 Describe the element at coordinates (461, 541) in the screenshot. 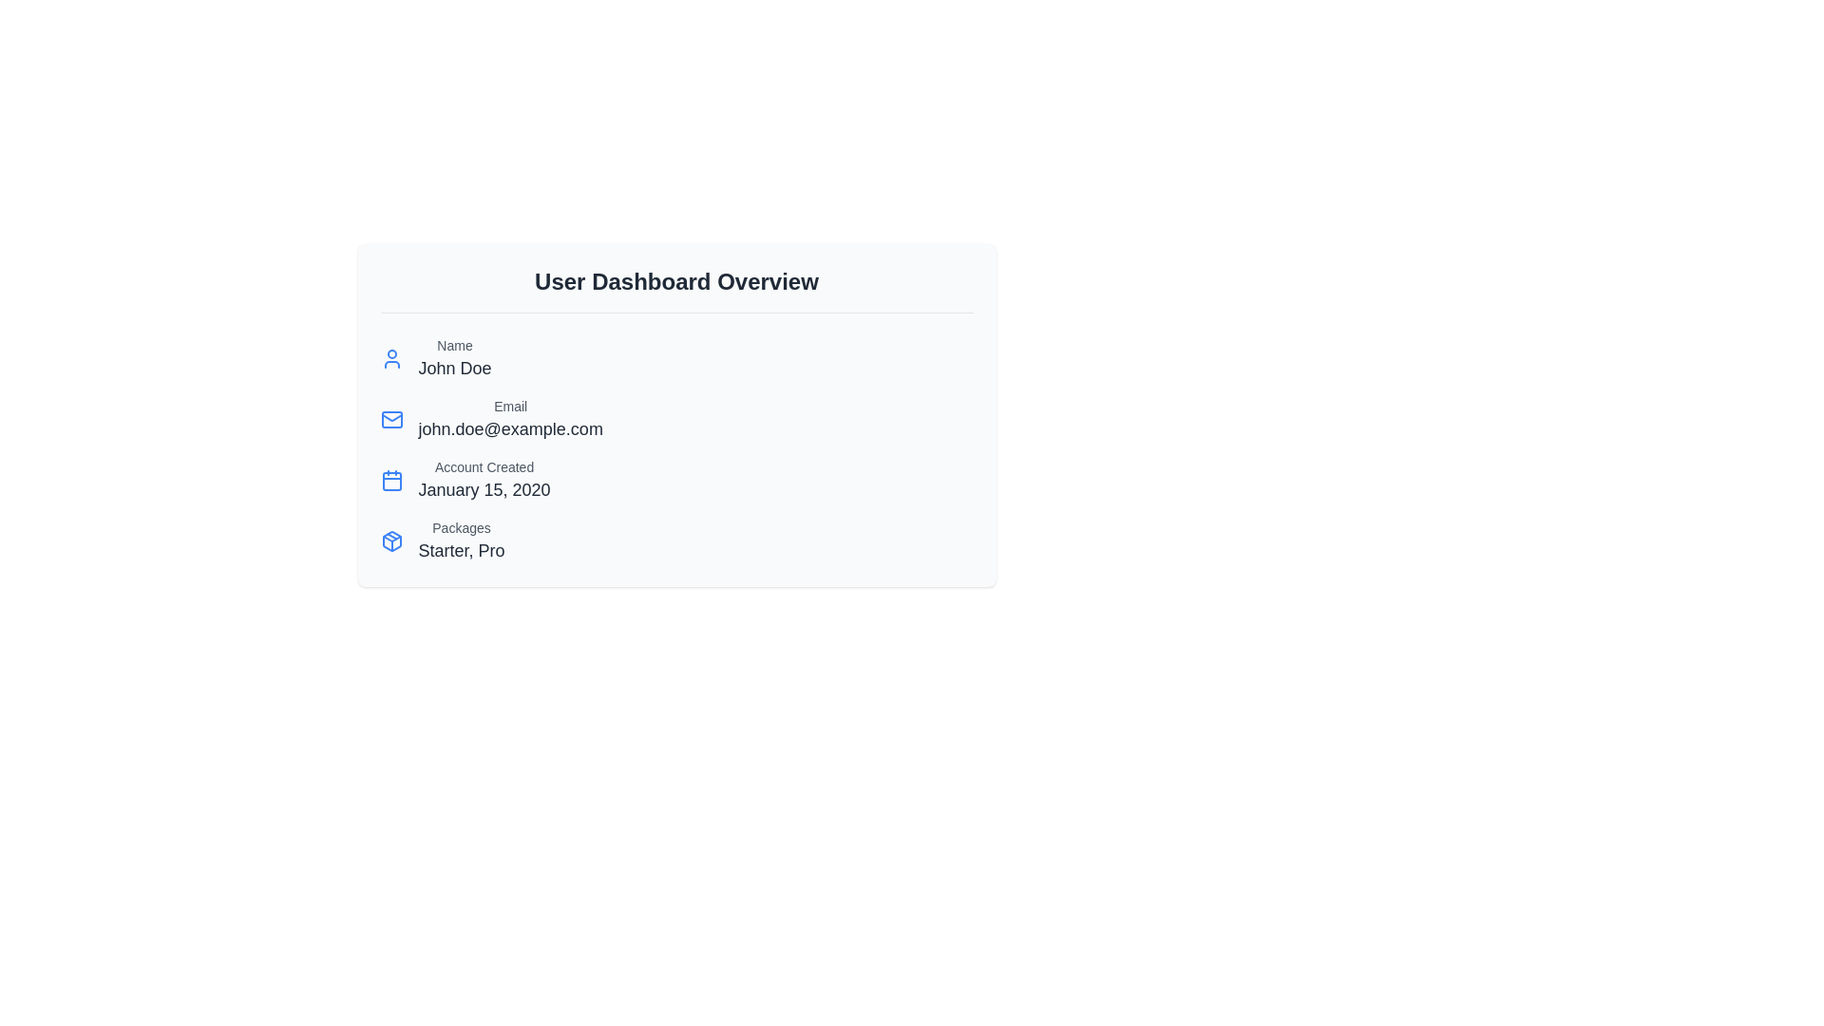

I see `text of the static text component that is the fourth item in the user dashboard overview interface, located below the 'Account Created' section` at that location.